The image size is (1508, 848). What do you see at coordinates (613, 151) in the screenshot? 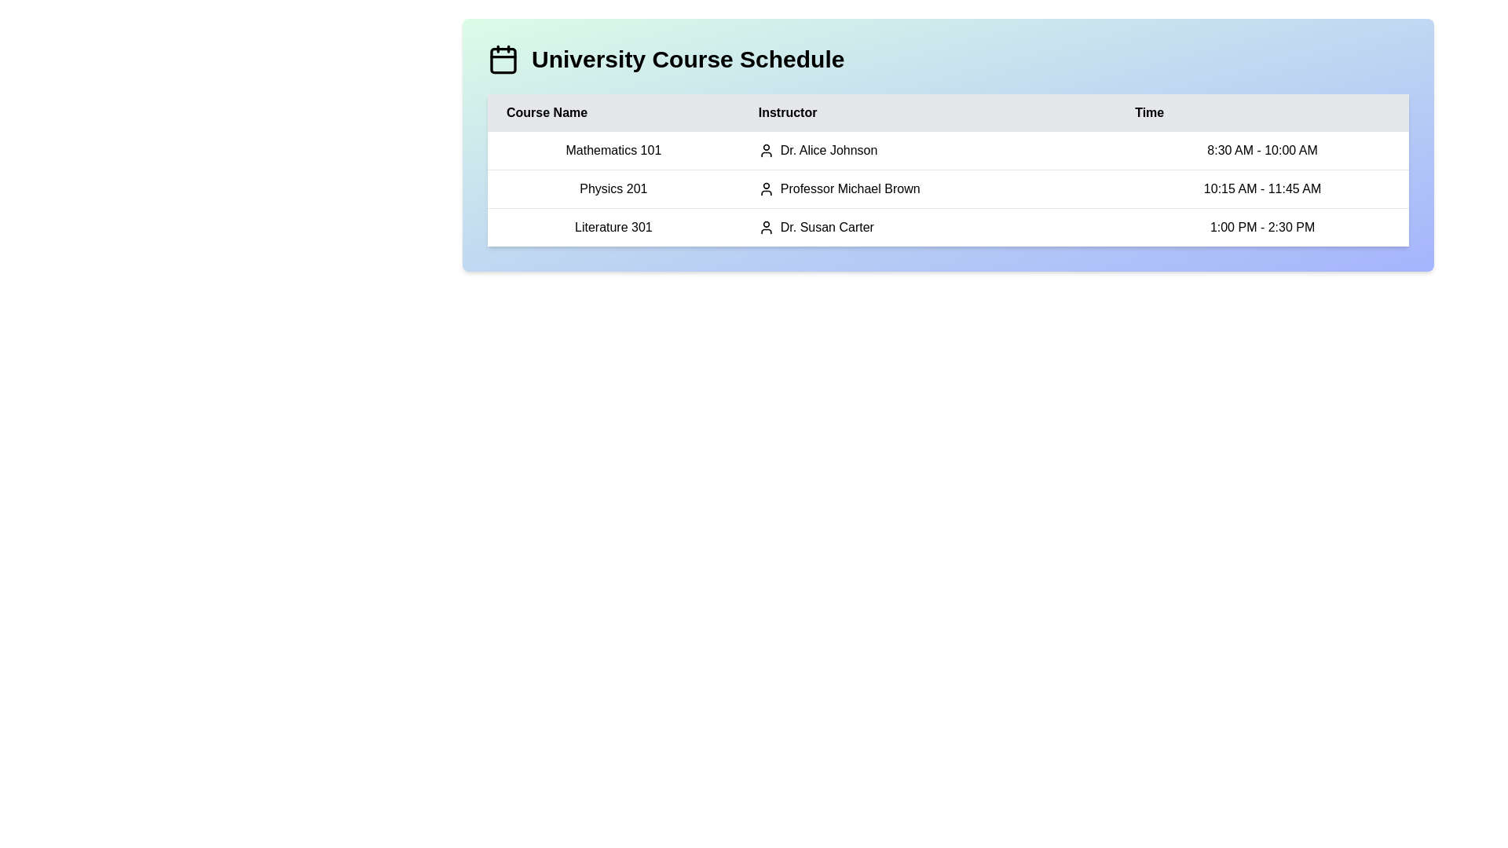
I see `the 'Mathematics 101' text label located in the 'Course Name' column of the first row in the 'University Course Schedule' table` at bounding box center [613, 151].